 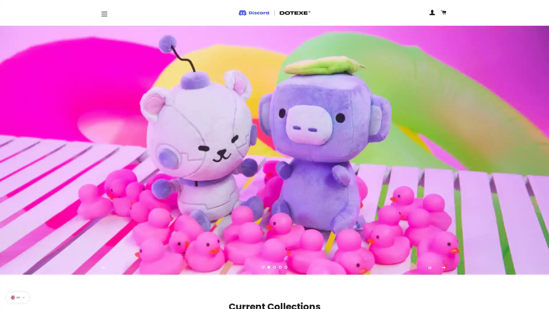 What do you see at coordinates (443, 267) in the screenshot?
I see `Next slide` at bounding box center [443, 267].